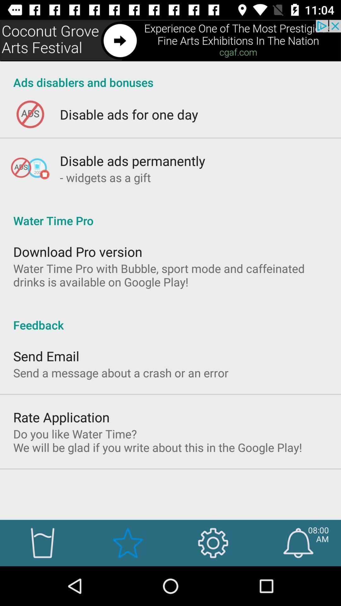  Describe the element at coordinates (170, 40) in the screenshot. I see `click the advertisement` at that location.